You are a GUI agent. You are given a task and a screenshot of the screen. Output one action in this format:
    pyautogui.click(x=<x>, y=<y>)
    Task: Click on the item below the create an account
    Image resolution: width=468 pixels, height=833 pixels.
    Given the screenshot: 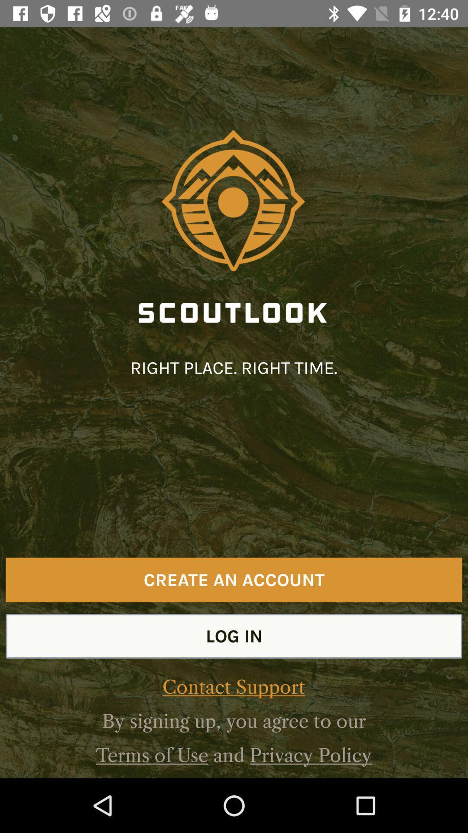 What is the action you would take?
    pyautogui.click(x=234, y=636)
    